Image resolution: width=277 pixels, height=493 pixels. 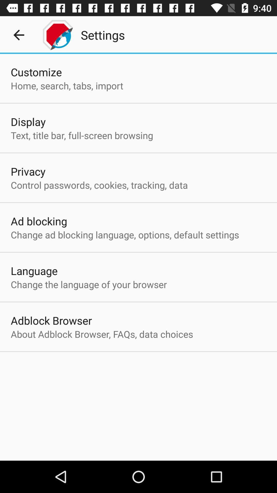 I want to click on the control passwords cookies, so click(x=99, y=185).